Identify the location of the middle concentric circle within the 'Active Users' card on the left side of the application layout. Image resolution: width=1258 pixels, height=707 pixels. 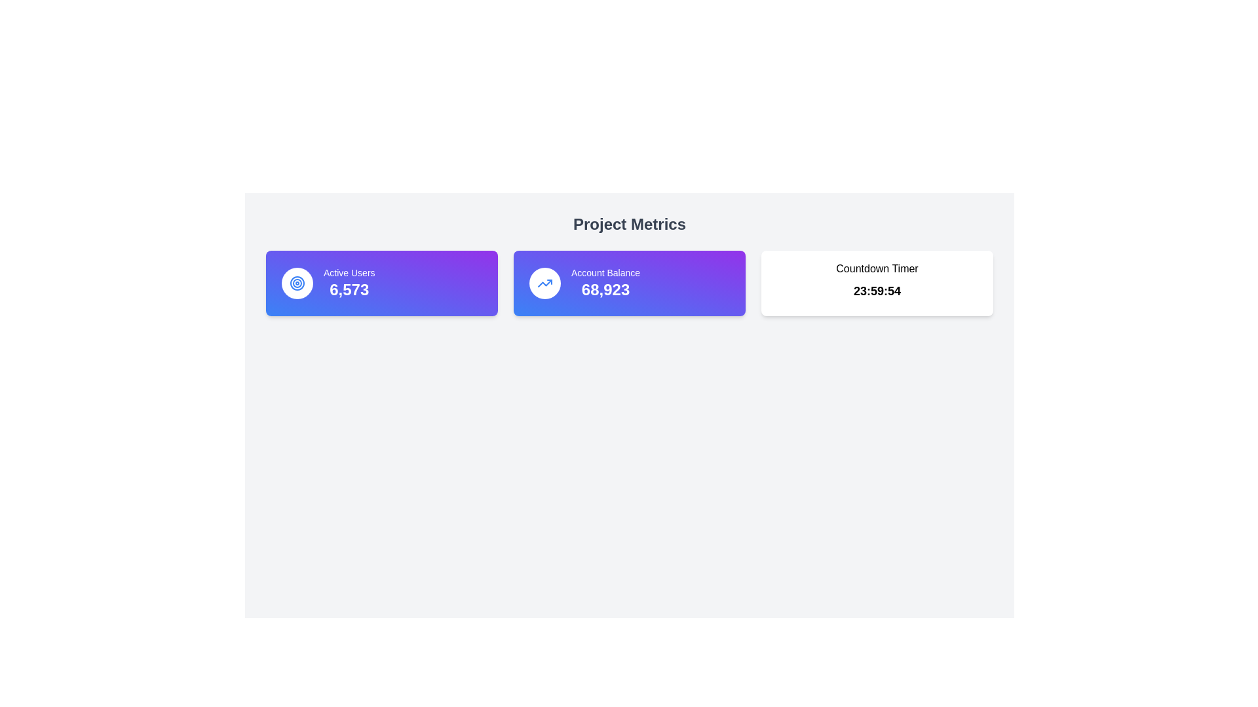
(297, 282).